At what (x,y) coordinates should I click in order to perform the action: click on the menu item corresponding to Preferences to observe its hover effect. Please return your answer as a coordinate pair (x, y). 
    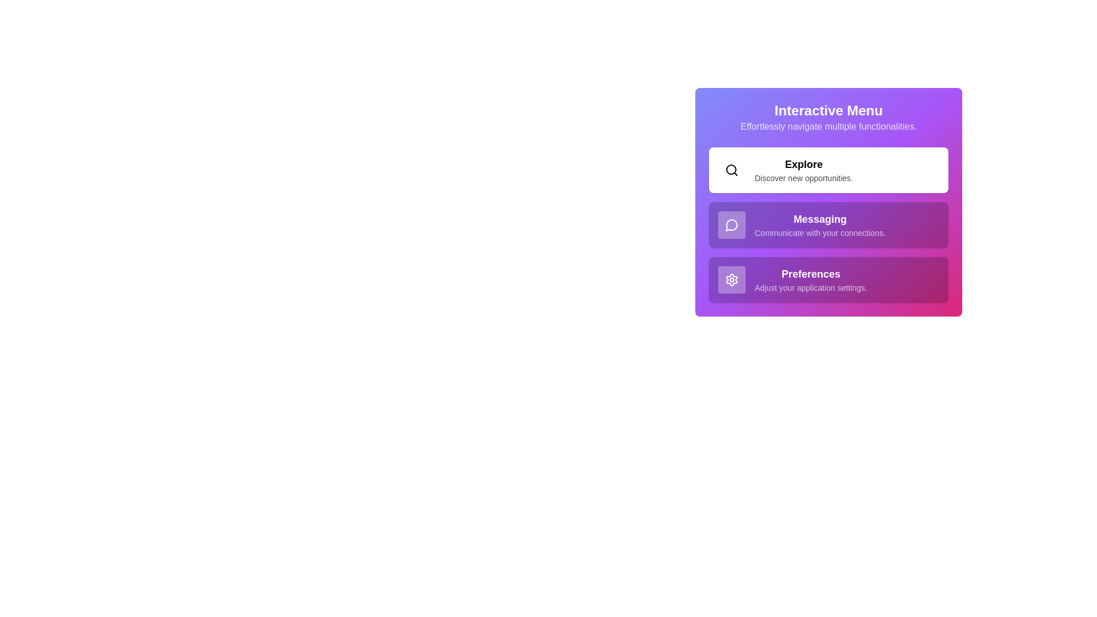
    Looking at the image, I should click on (828, 279).